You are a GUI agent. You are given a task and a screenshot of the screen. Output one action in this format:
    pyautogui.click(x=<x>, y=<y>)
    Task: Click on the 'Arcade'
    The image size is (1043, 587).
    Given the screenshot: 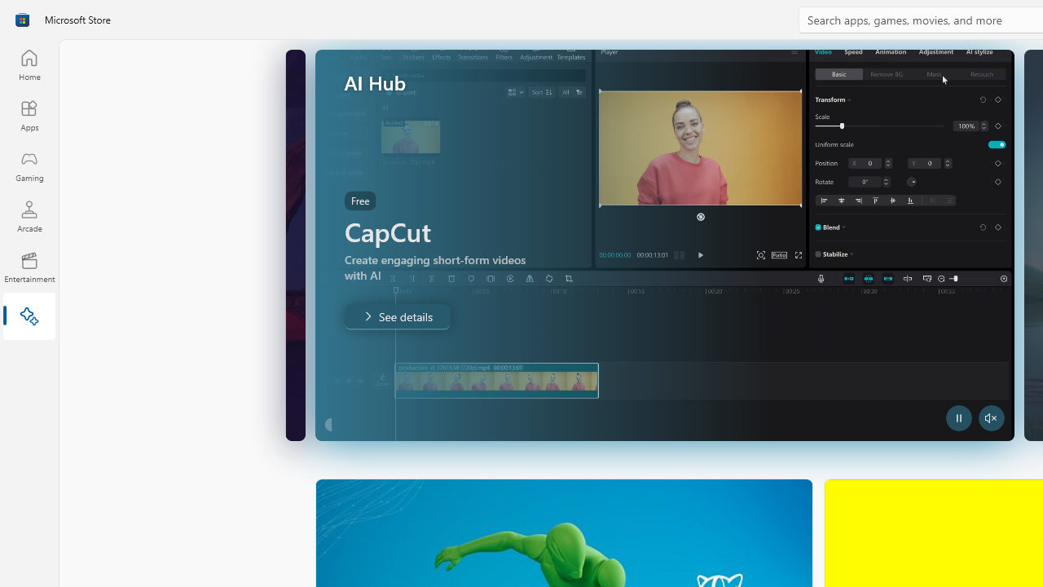 What is the action you would take?
    pyautogui.click(x=29, y=215)
    